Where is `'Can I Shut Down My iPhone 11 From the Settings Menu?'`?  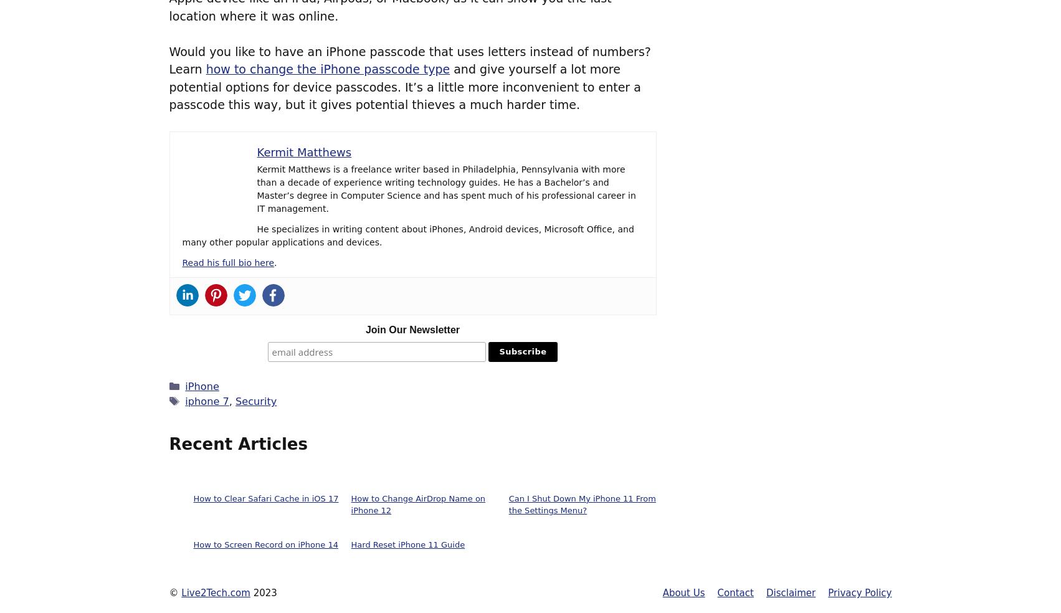
'Can I Shut Down My iPhone 11 From the Settings Menu?' is located at coordinates (581, 503).